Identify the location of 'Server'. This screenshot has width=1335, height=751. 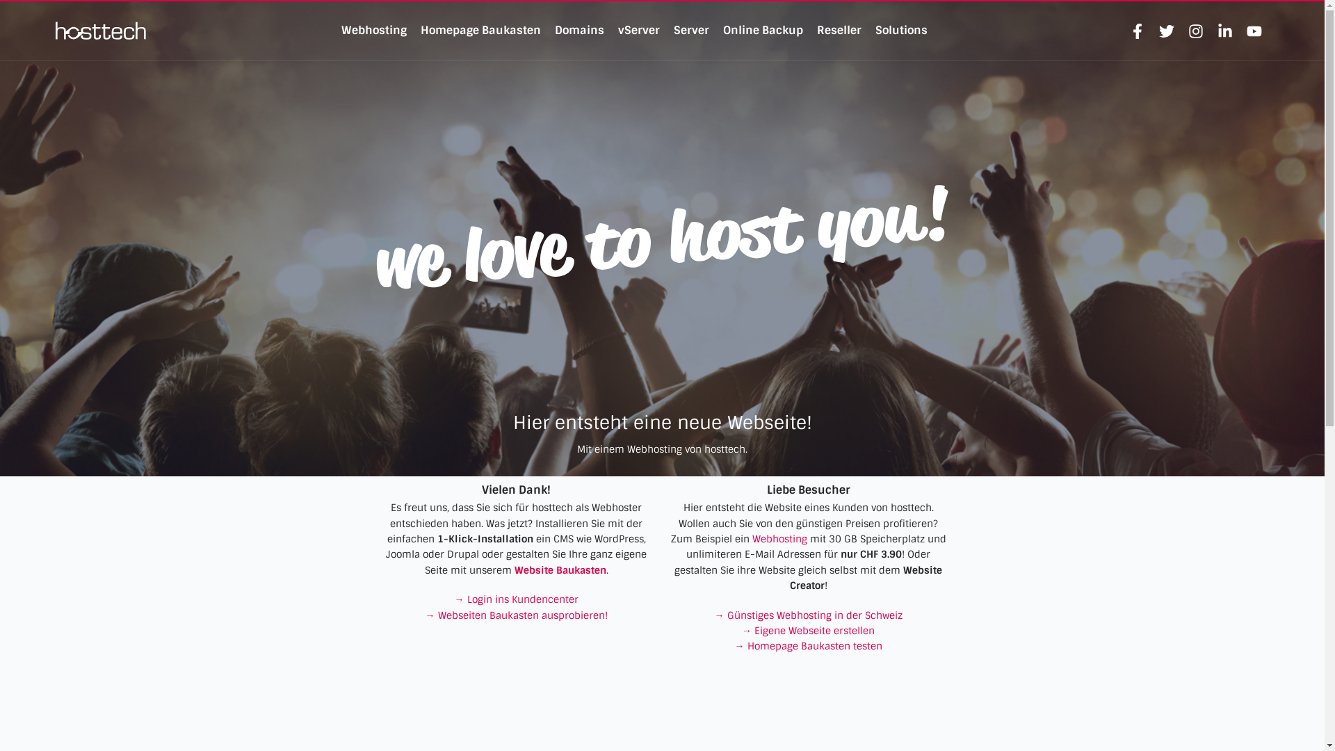
(674, 30).